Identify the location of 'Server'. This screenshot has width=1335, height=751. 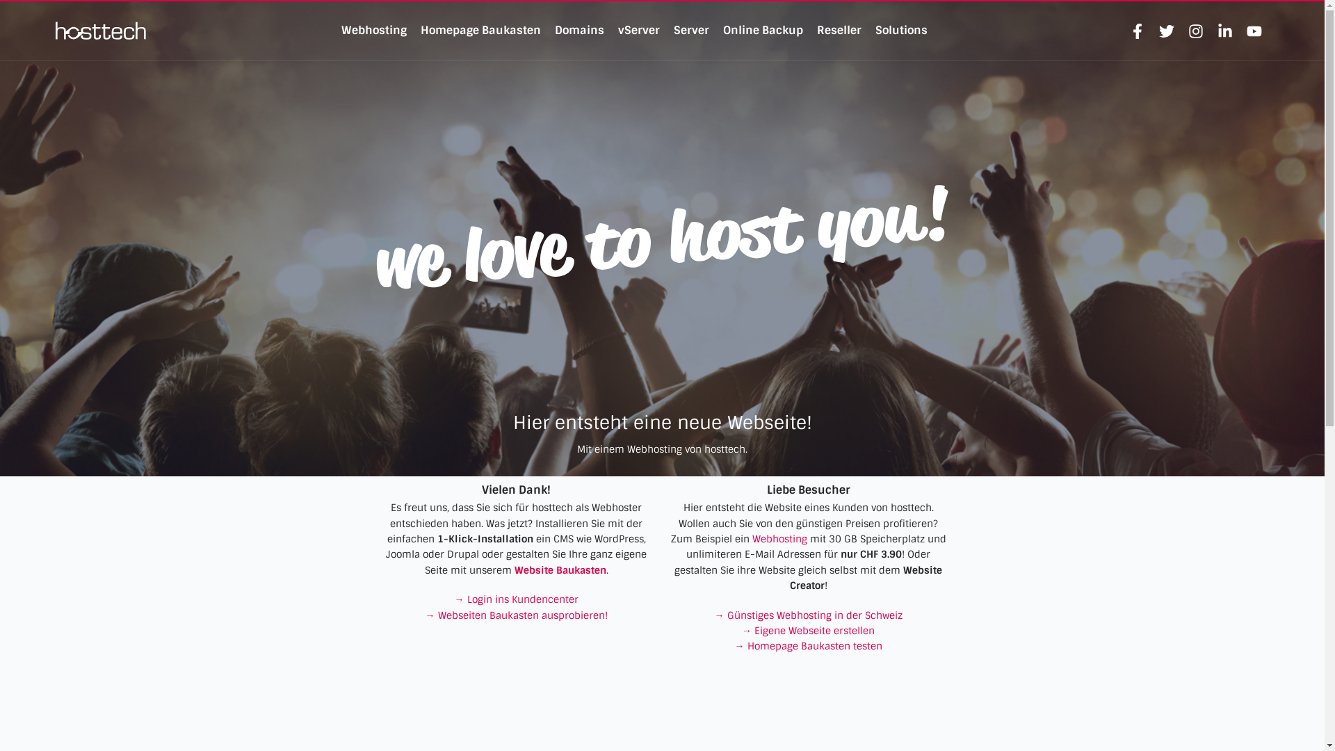
(674, 30).